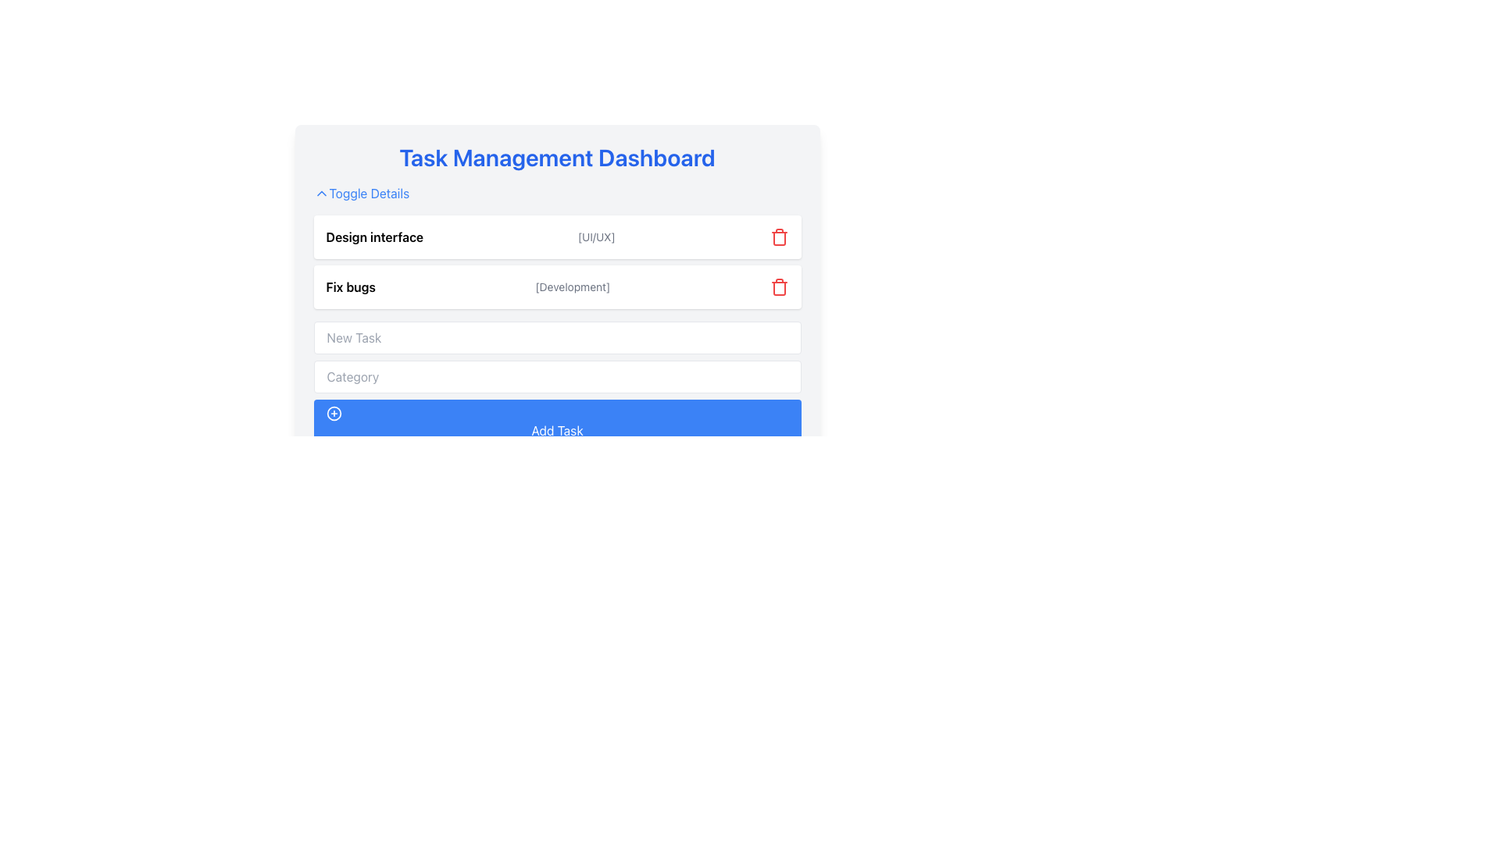 The height and width of the screenshot is (843, 1500). I want to click on the Text header displaying 'Design interface', which is styled with a bold and slightly larger font, located in the middle of a rectangular section in the UI, so click(373, 237).